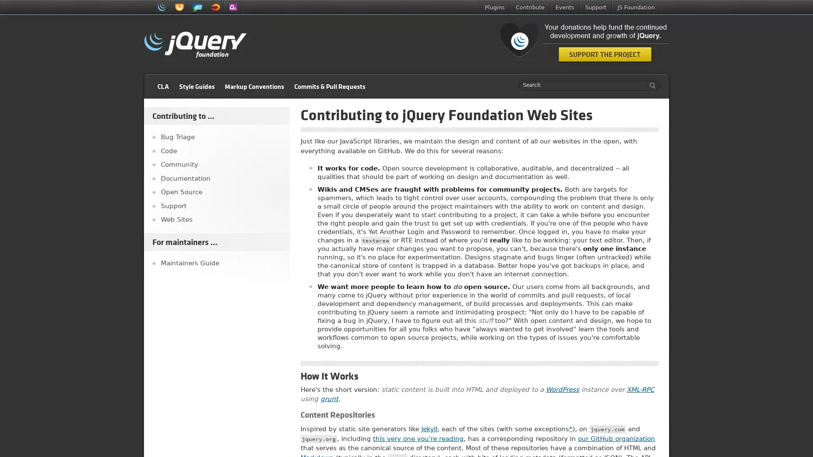  What do you see at coordinates (650, 85) in the screenshot?
I see `search` at bounding box center [650, 85].